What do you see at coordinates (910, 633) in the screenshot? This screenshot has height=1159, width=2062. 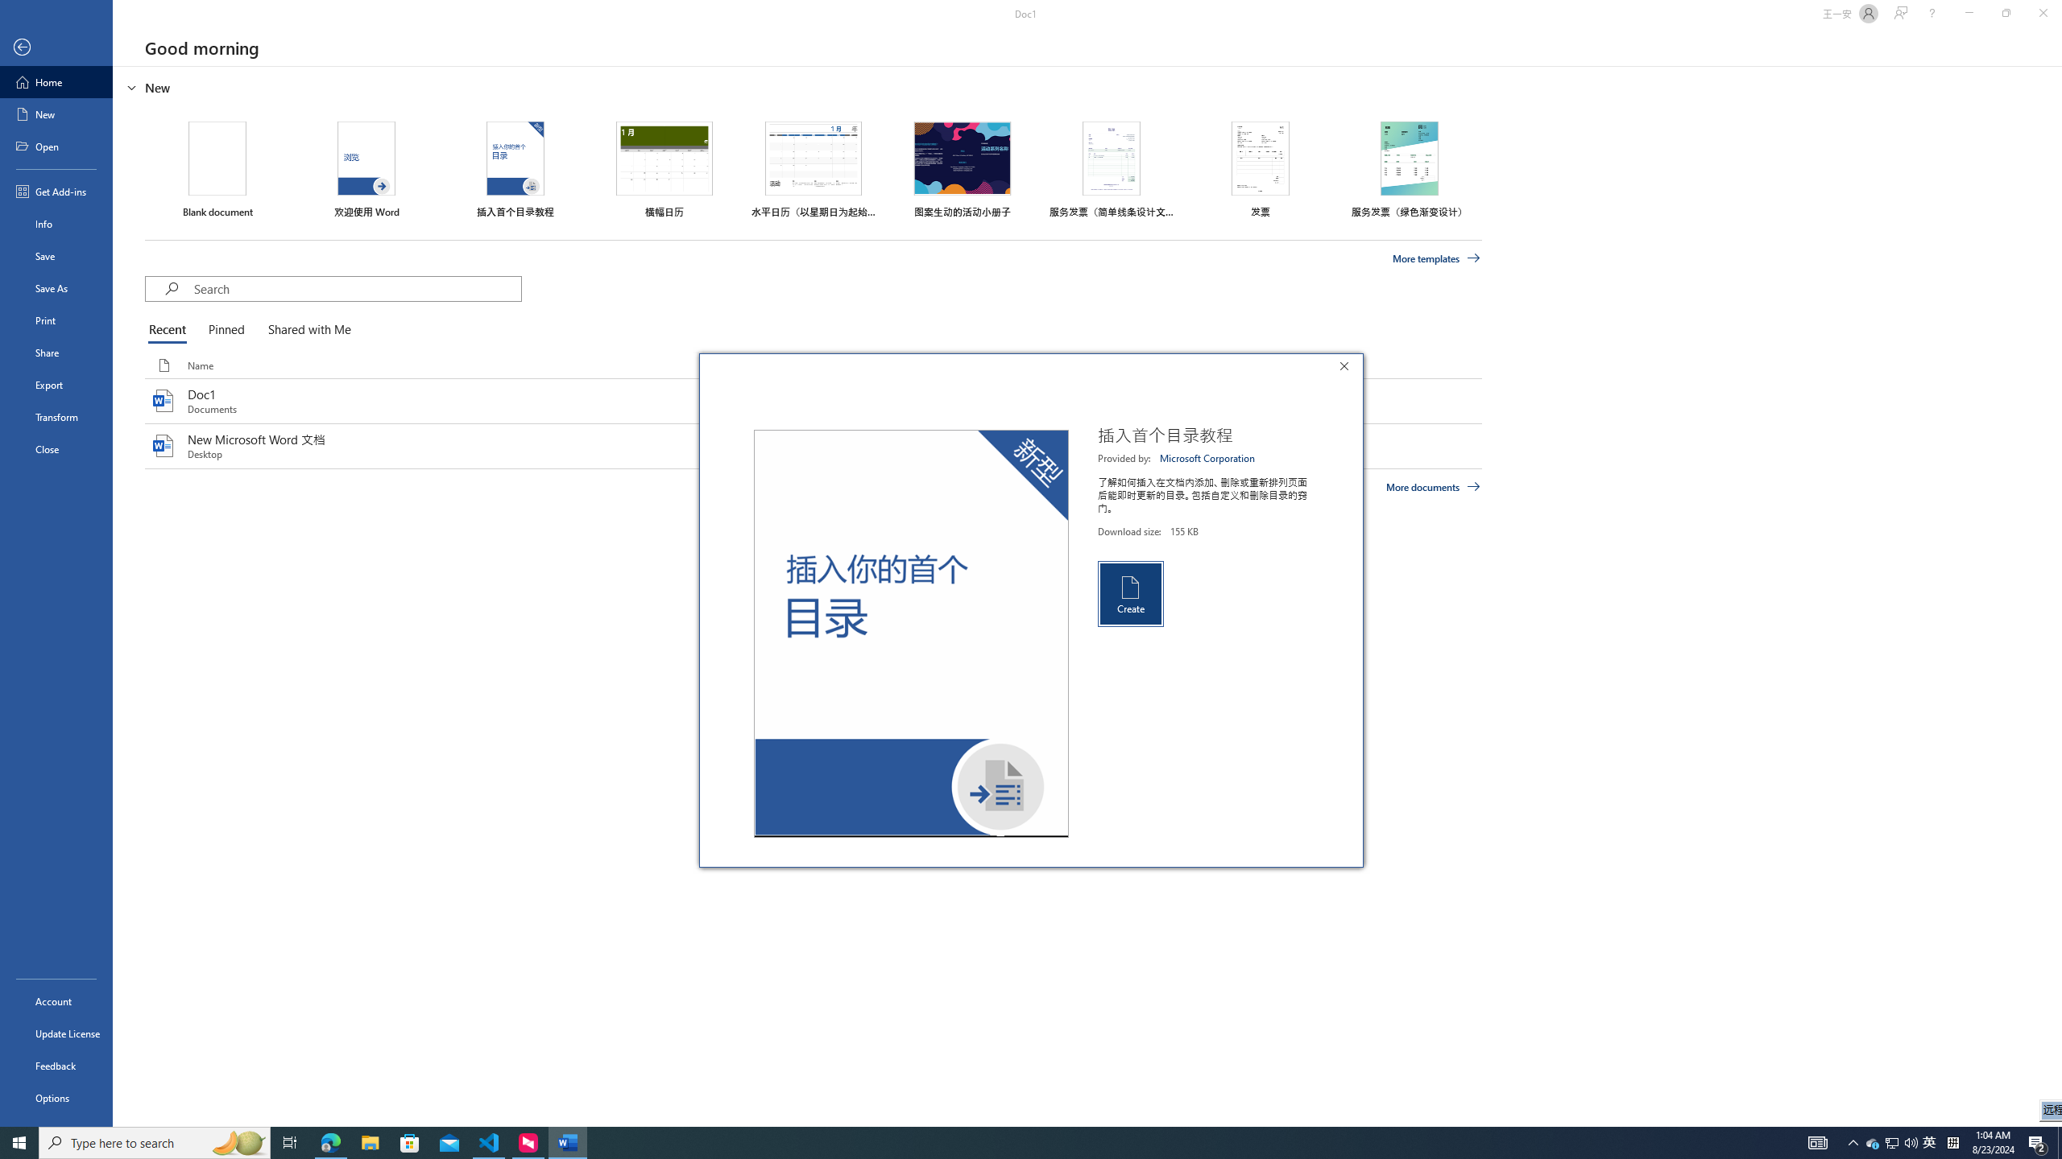 I see `'Preview'` at bounding box center [910, 633].